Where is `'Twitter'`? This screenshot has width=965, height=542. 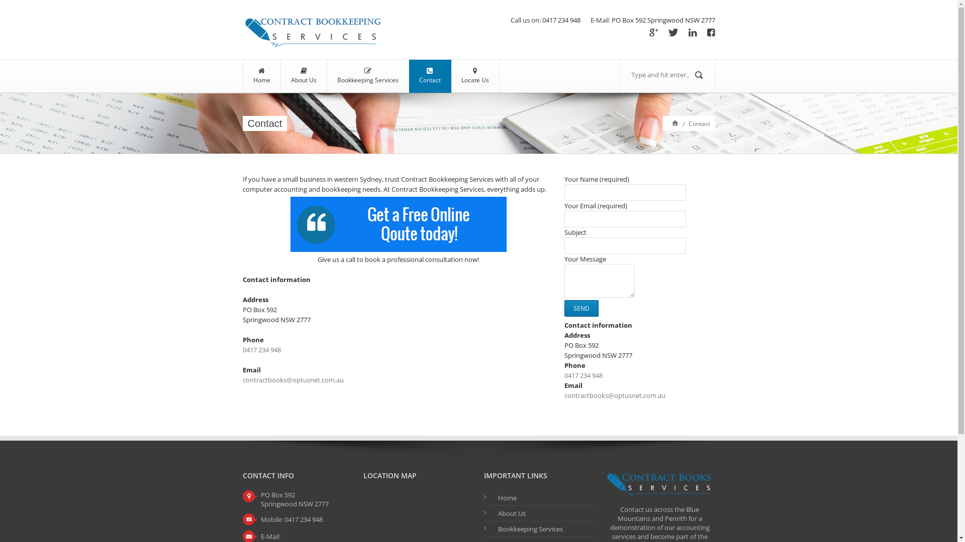
'Twitter' is located at coordinates (673, 32).